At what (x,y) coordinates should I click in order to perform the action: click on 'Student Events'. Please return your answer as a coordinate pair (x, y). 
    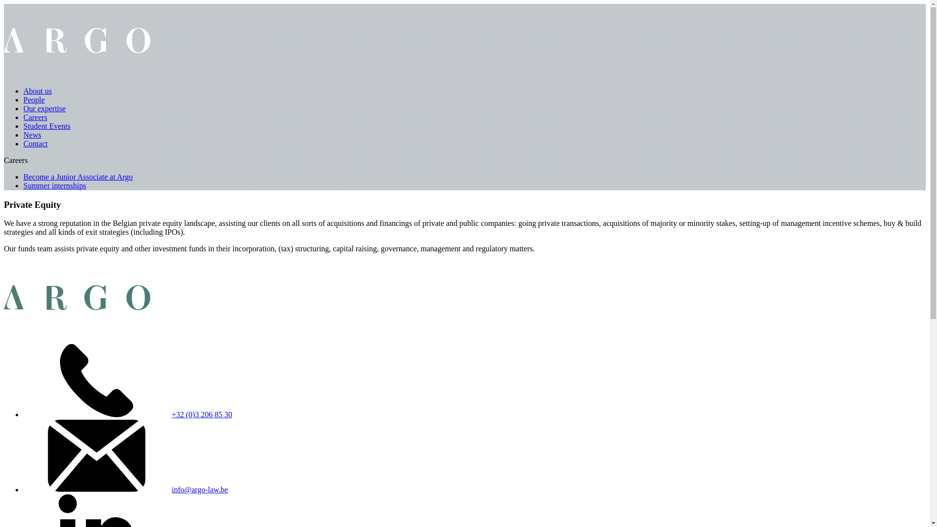
    Looking at the image, I should click on (46, 125).